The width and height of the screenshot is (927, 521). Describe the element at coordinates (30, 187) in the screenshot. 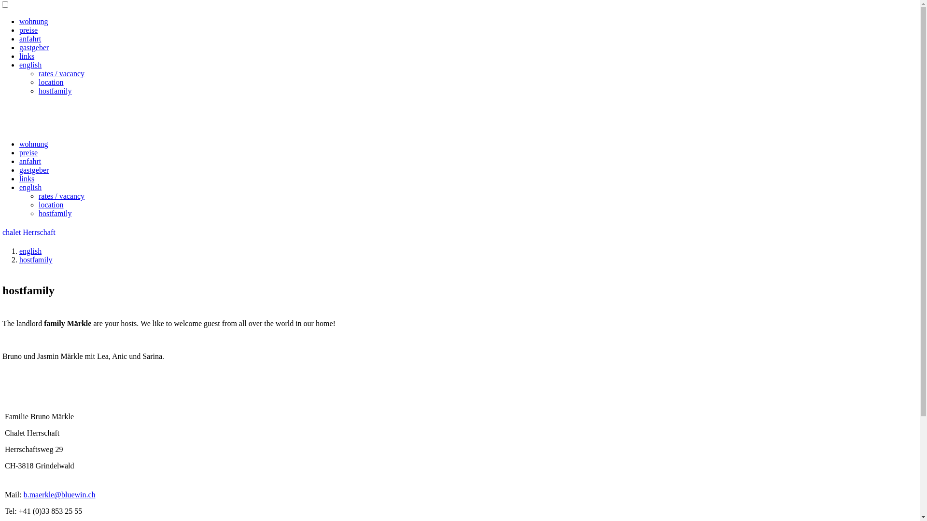

I see `'english'` at that location.